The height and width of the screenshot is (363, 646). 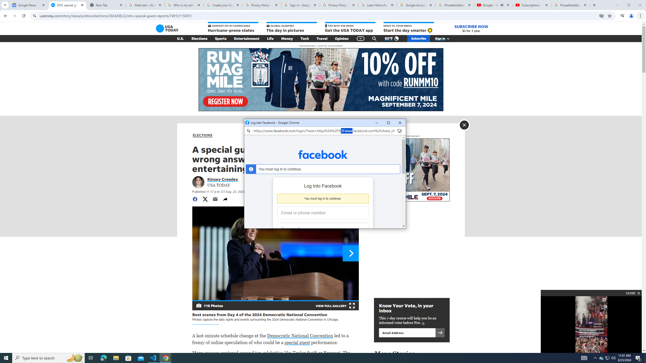 What do you see at coordinates (128, 357) in the screenshot?
I see `'Microsoft Store'` at bounding box center [128, 357].